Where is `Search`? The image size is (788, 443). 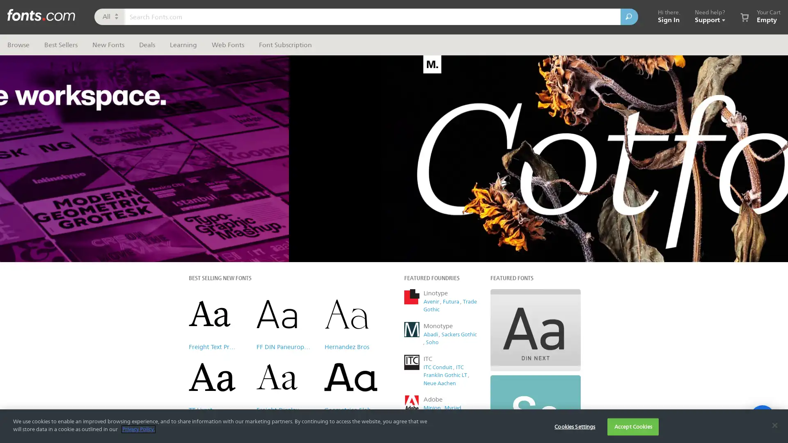 Search is located at coordinates (629, 17).